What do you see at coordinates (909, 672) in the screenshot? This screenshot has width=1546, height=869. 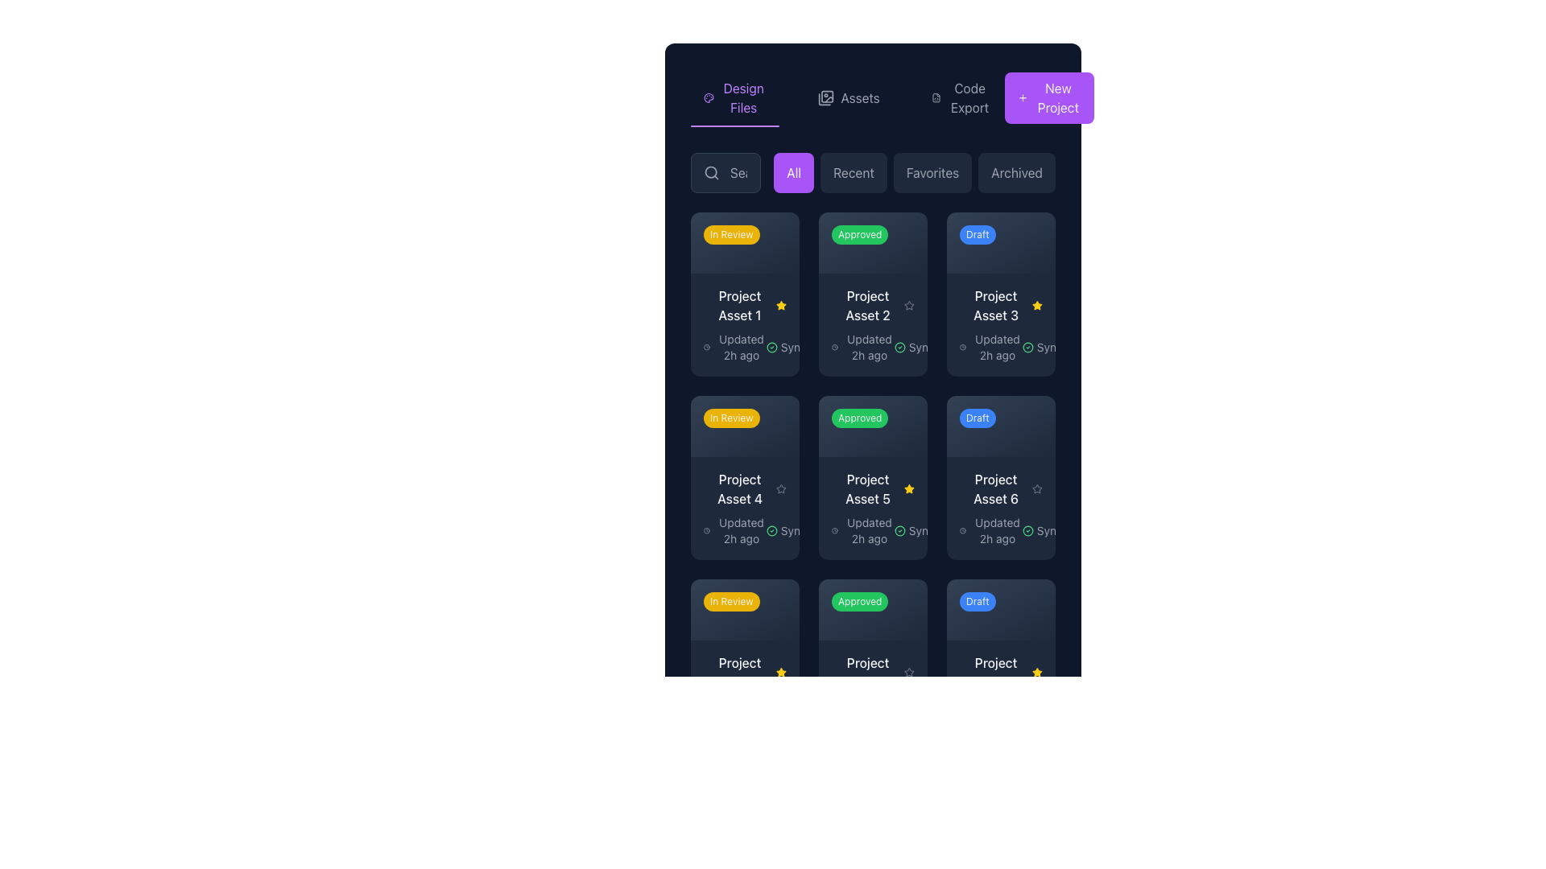 I see `the star-shaped icon in the bottom-left corner of the last card in the grid layout` at bounding box center [909, 672].